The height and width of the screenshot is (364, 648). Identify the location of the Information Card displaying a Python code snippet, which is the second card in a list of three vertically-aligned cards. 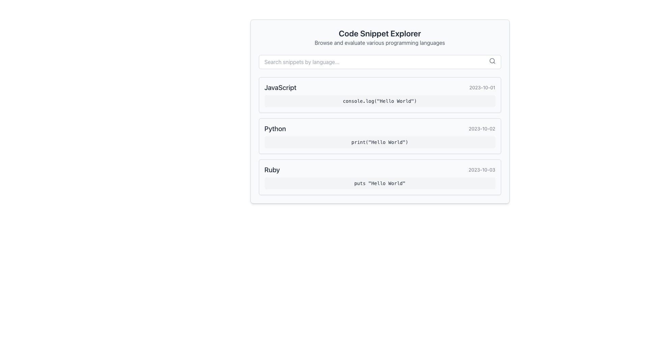
(380, 136).